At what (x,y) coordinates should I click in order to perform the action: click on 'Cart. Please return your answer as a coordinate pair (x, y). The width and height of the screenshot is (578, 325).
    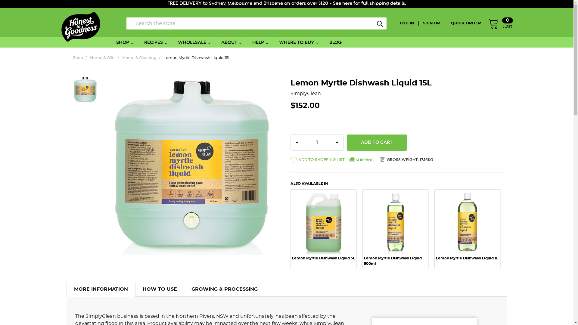
    Looking at the image, I should click on (500, 23).